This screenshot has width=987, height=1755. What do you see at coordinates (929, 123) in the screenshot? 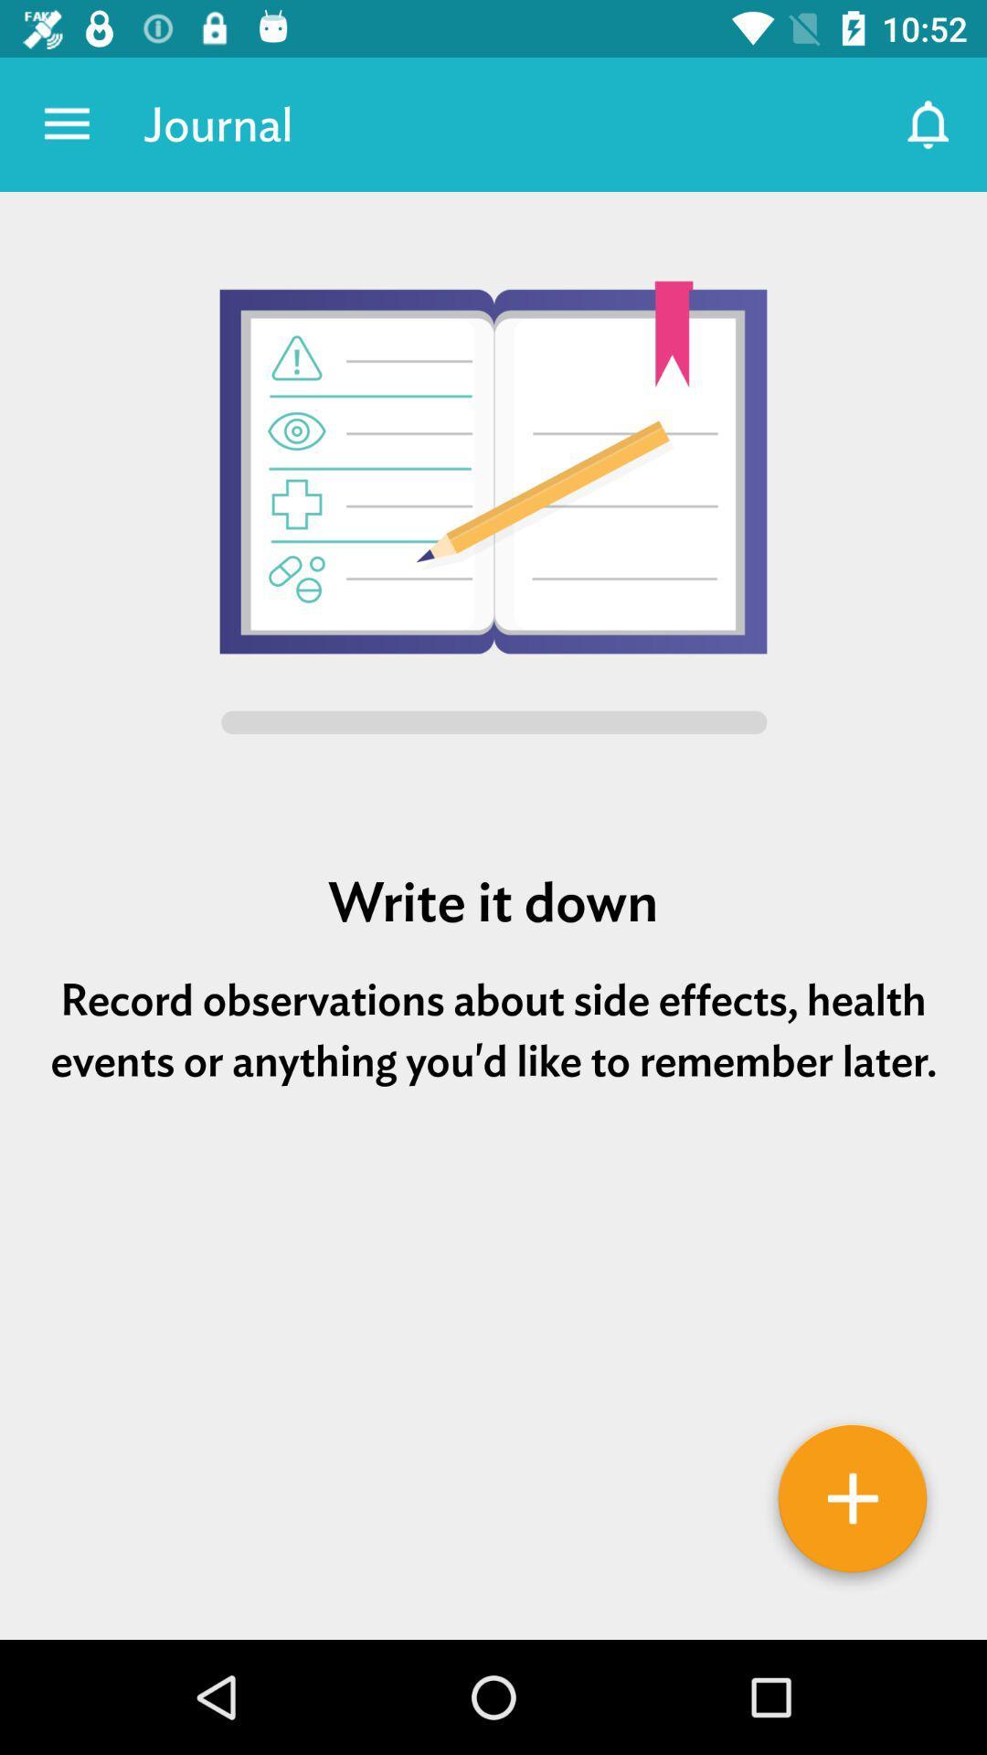
I see `the item next to journal` at bounding box center [929, 123].